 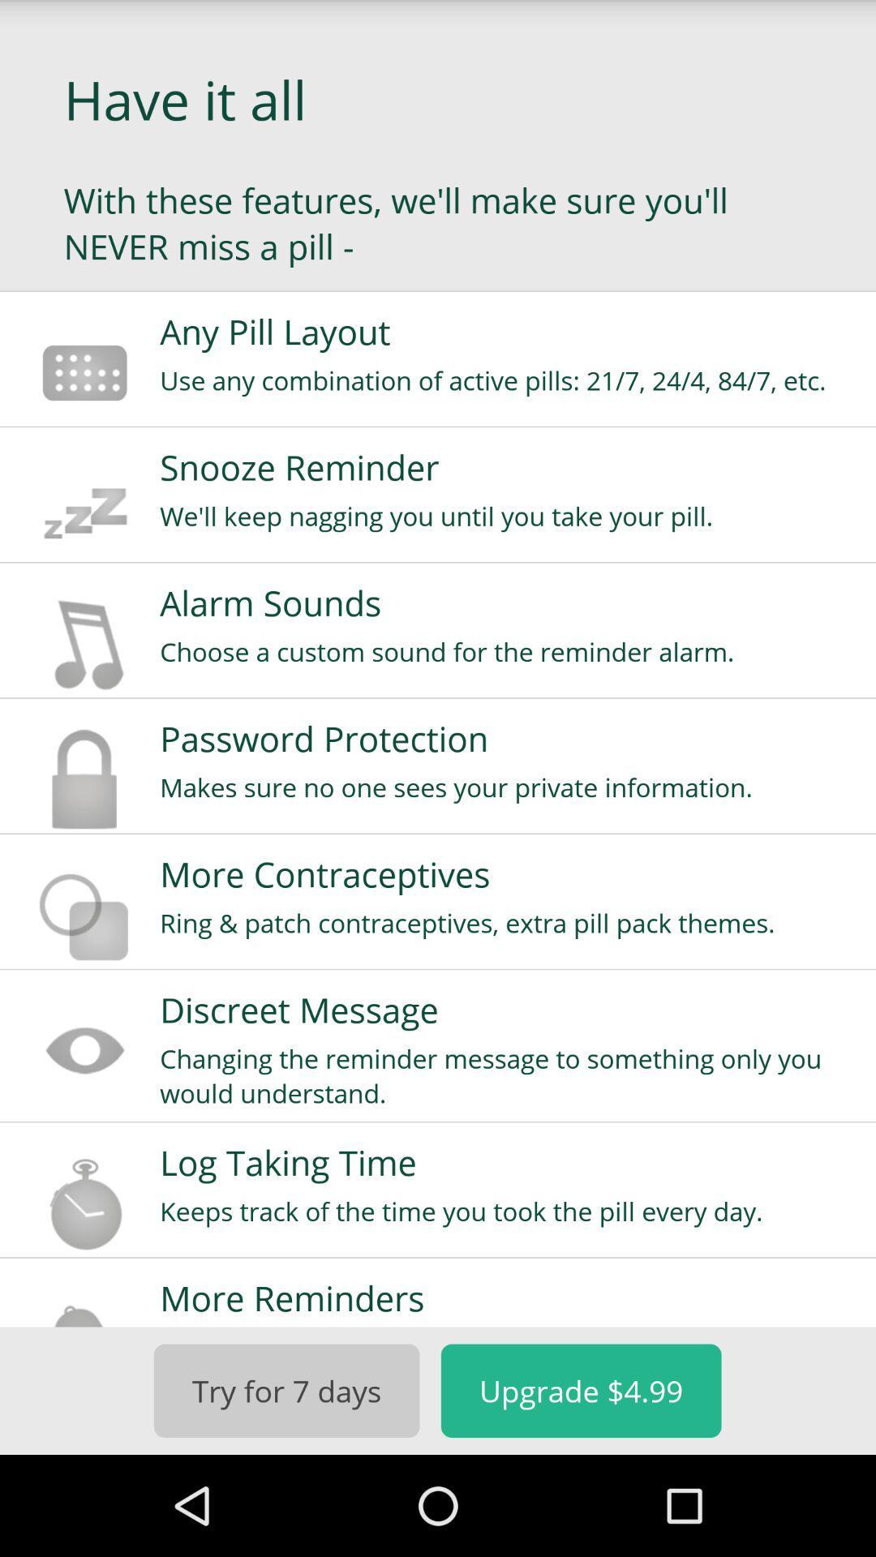 I want to click on app below choose a custom, so click(x=506, y=737).